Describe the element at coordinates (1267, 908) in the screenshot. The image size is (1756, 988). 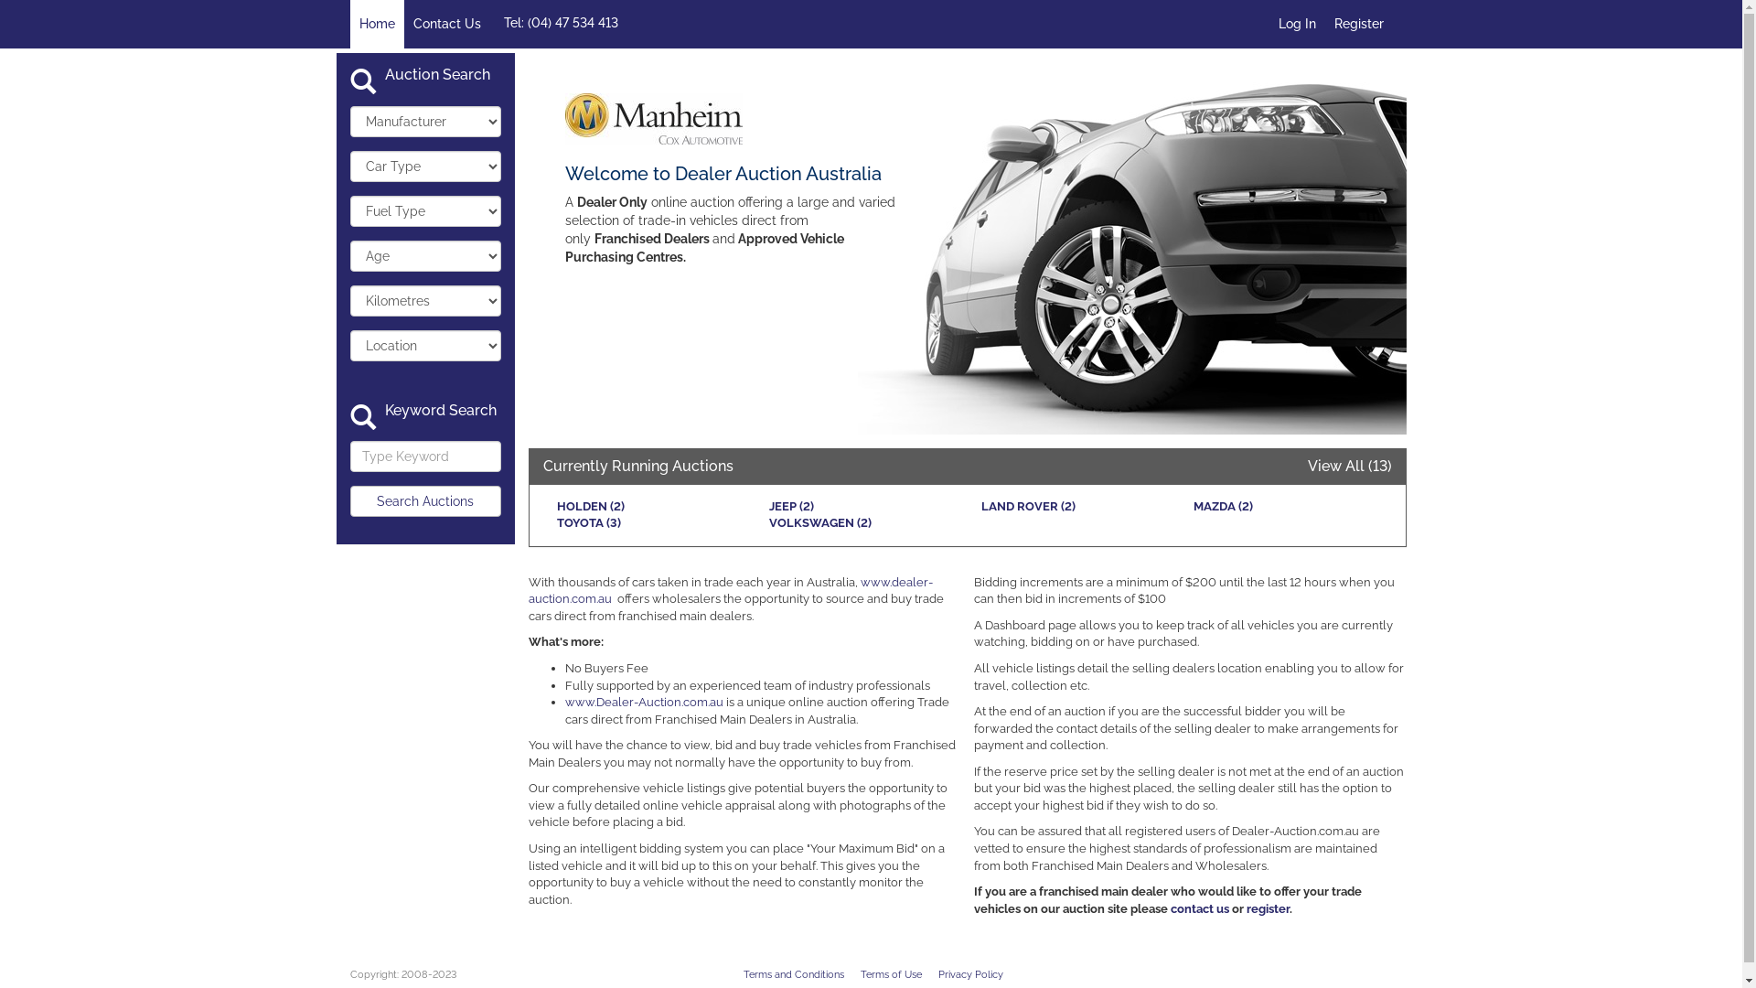
I see `'register'` at that location.